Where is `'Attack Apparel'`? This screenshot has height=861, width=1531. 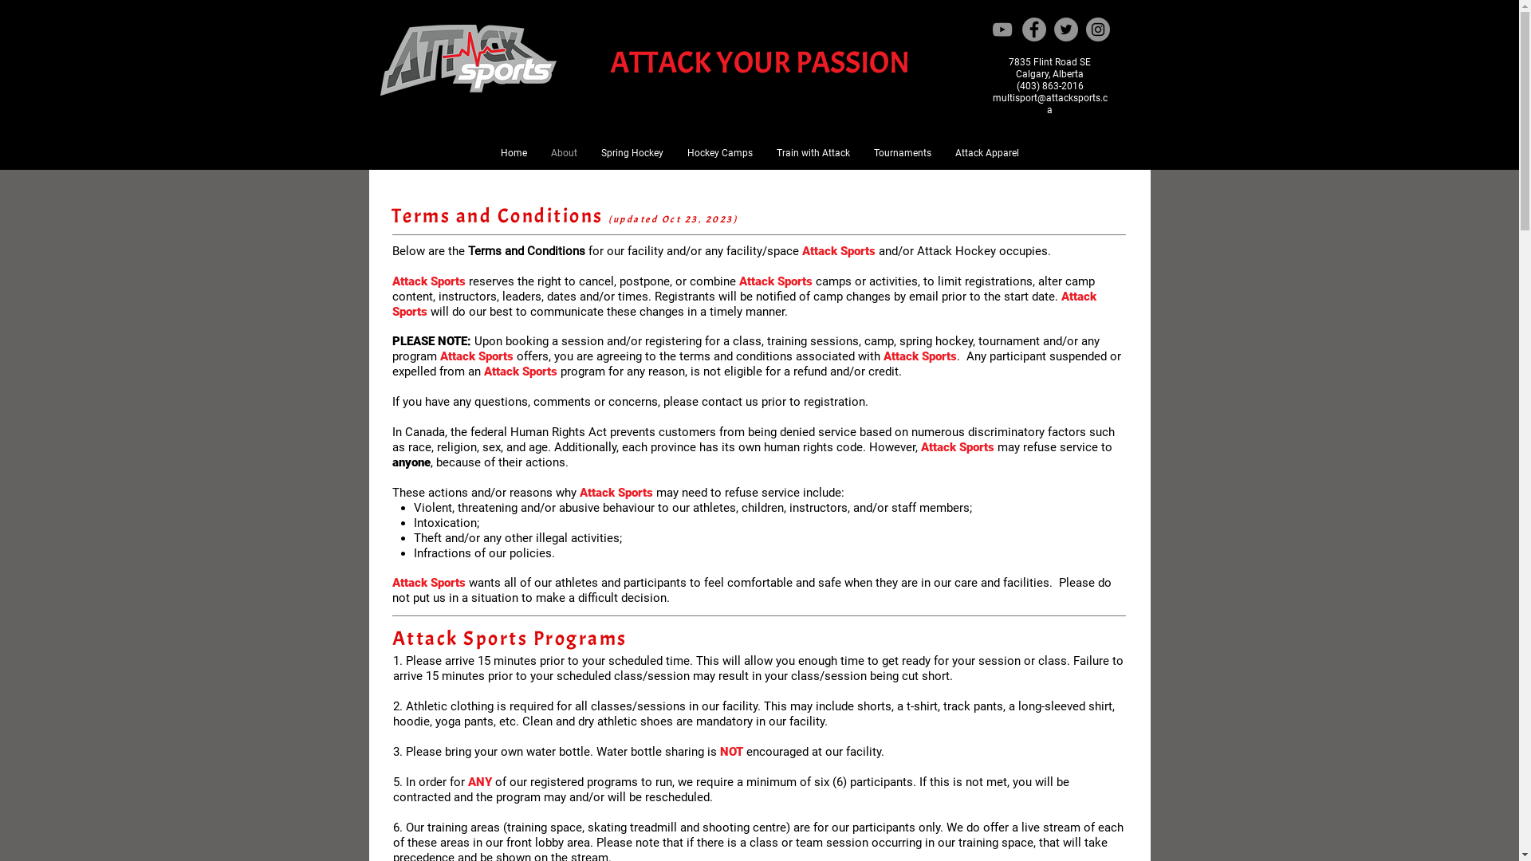
'Attack Apparel' is located at coordinates (986, 153).